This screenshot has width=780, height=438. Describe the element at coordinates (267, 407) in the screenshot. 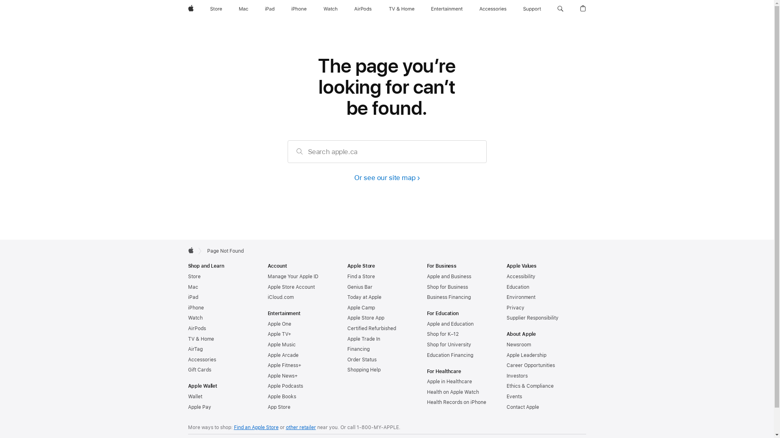

I see `'App Store'` at that location.